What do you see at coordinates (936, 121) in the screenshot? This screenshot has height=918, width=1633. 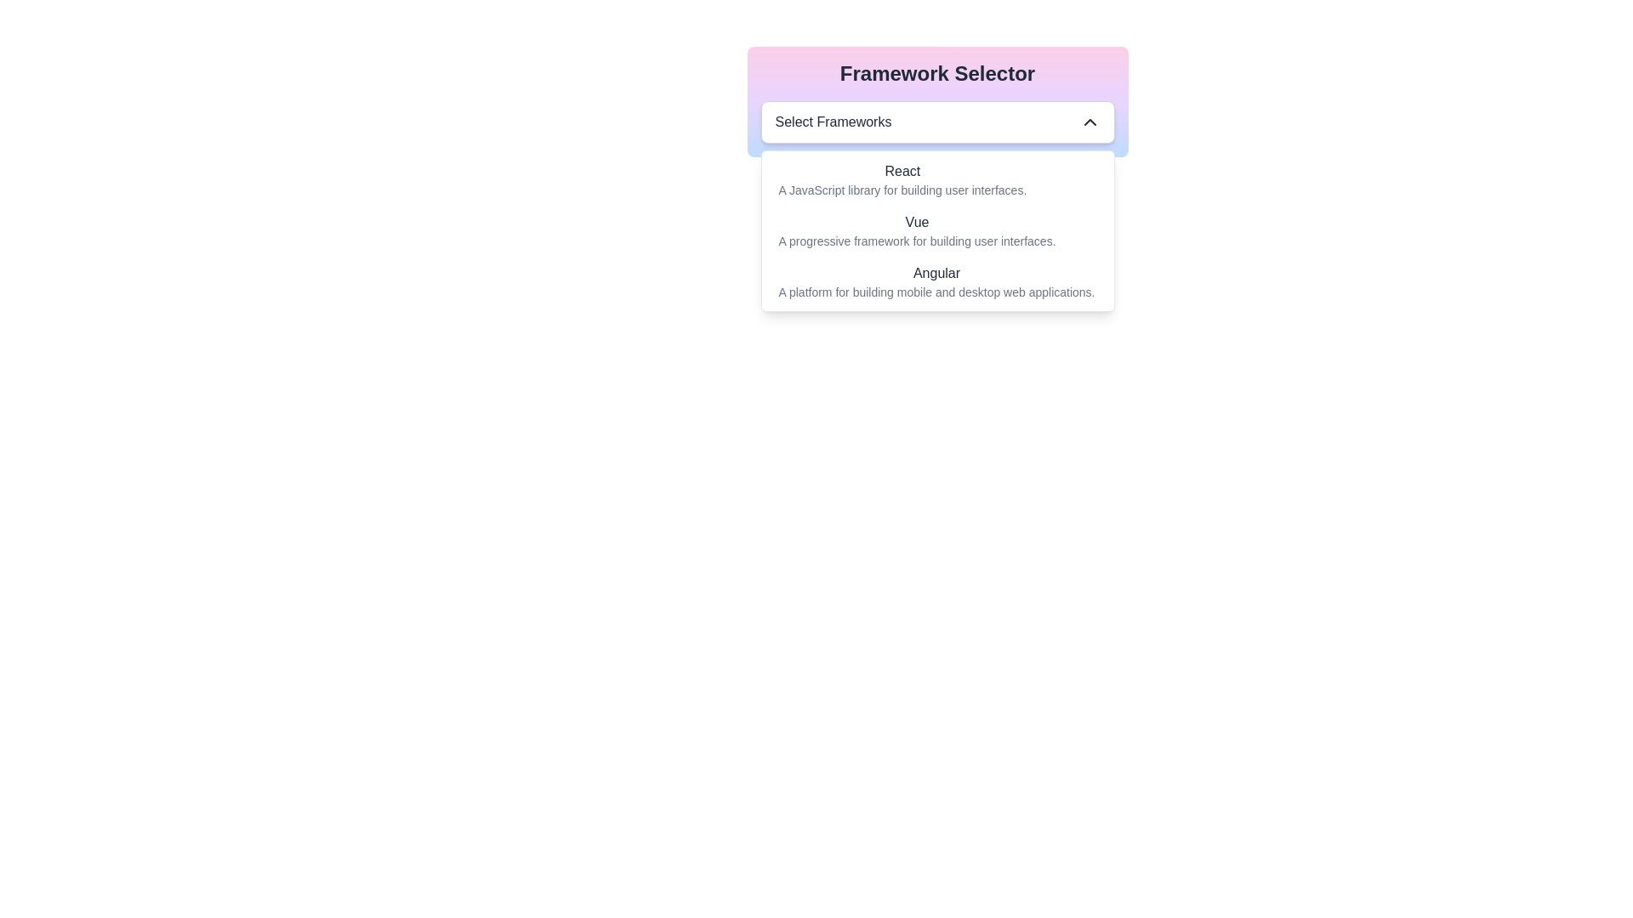 I see `the 'Select Frameworks' dropdown menu` at bounding box center [936, 121].